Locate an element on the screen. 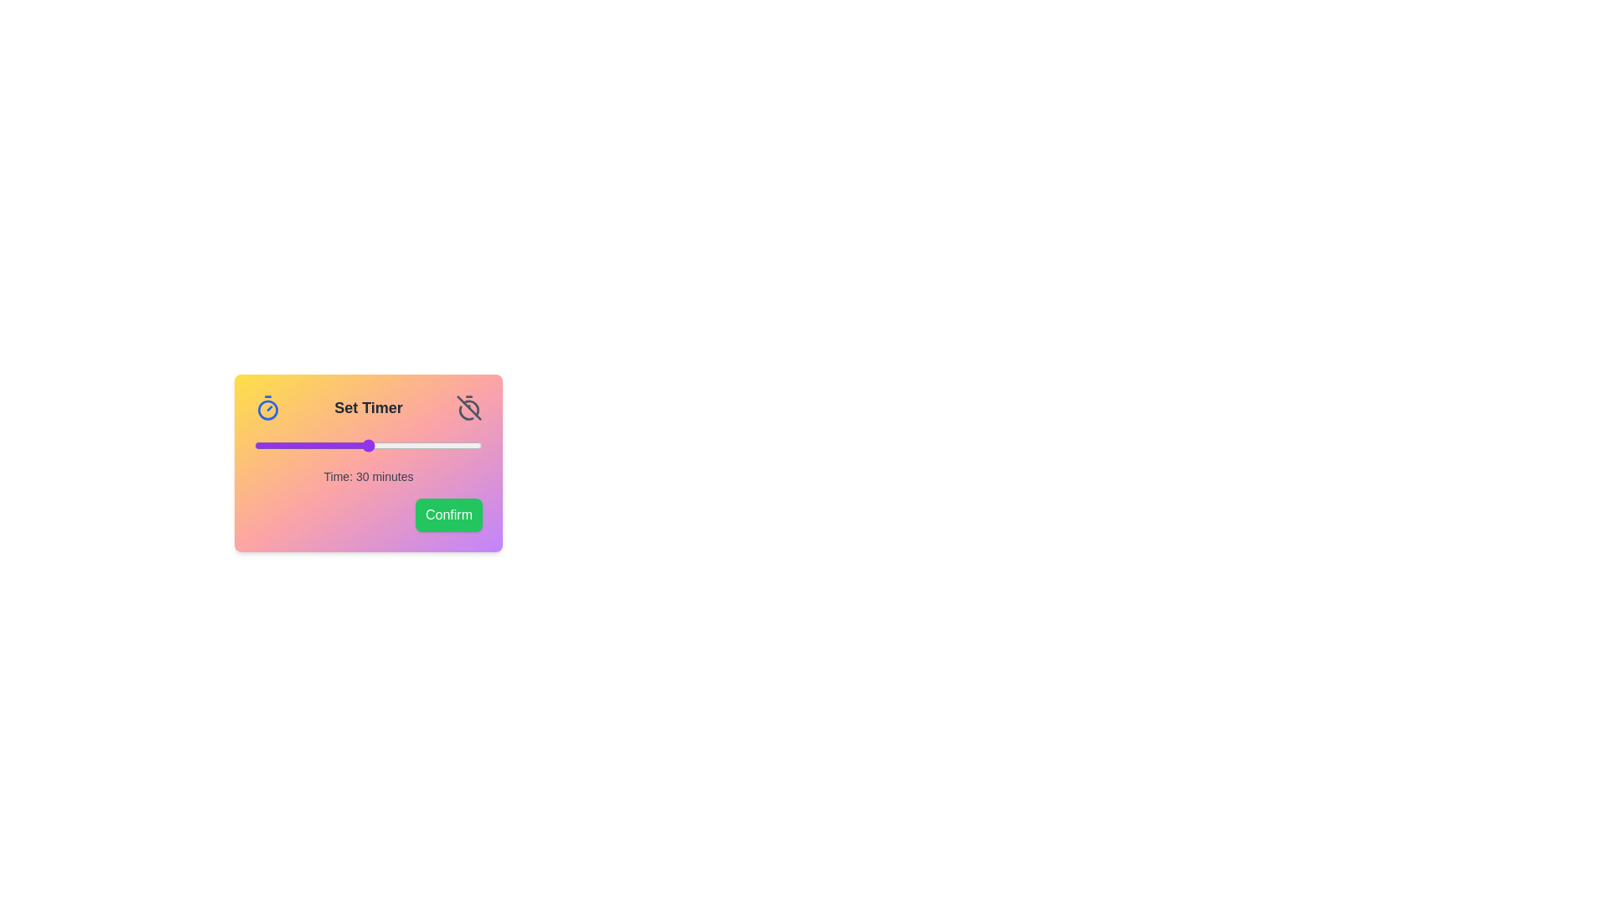  the Timer Off icon to toggle the timer state is located at coordinates (469, 407).